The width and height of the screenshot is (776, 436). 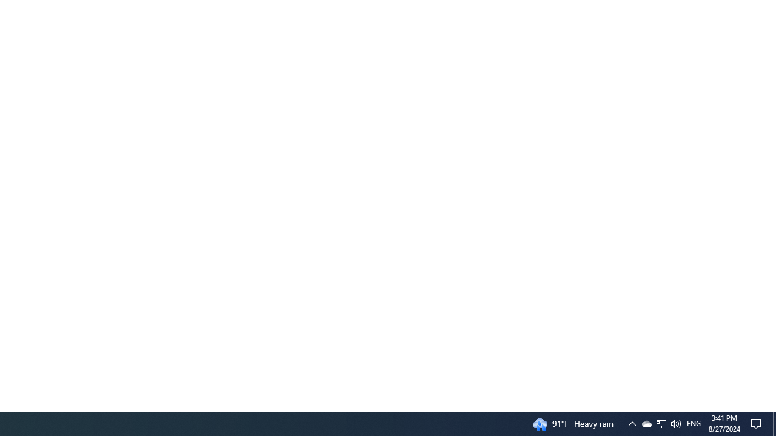 I want to click on 'Tray Input Indicator - English (United States)', so click(x=694, y=423).